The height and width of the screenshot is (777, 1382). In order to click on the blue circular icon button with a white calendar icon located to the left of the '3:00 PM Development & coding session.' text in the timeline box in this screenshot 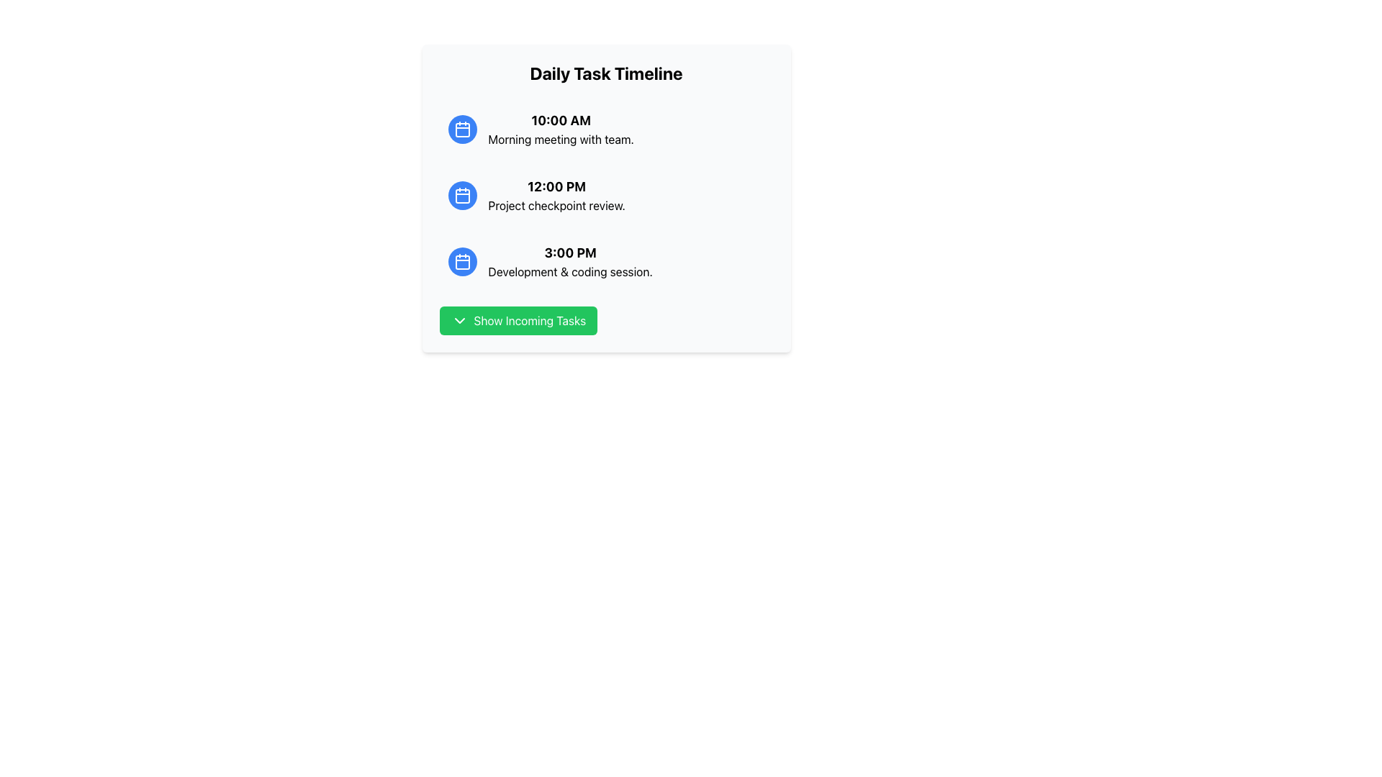, I will do `click(462, 261)`.